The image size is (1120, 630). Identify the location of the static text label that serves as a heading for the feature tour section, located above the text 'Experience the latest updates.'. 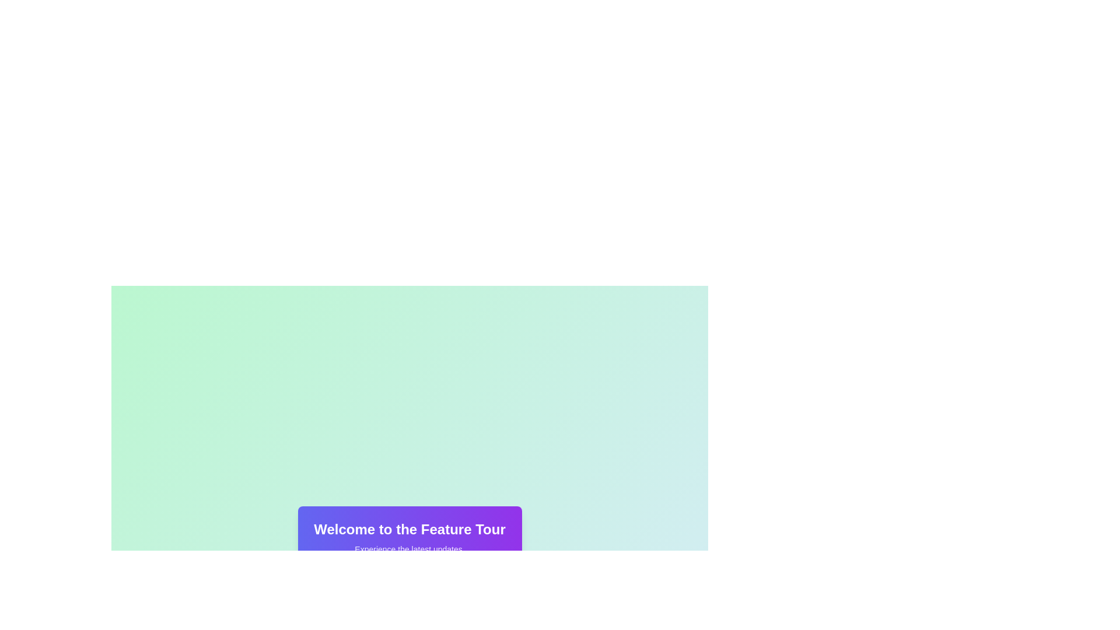
(409, 529).